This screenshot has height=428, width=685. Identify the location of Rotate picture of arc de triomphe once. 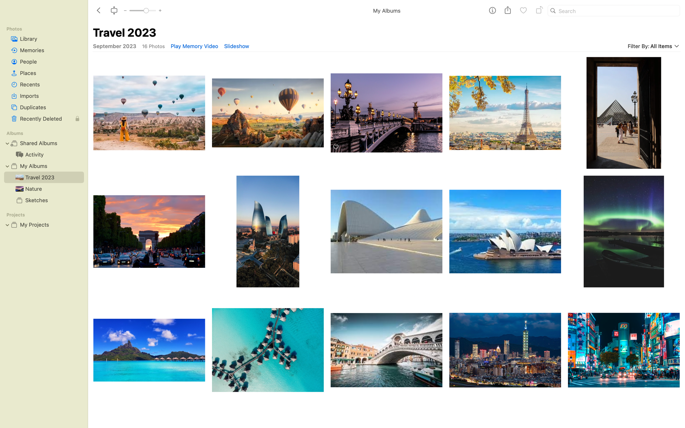
(148, 232).